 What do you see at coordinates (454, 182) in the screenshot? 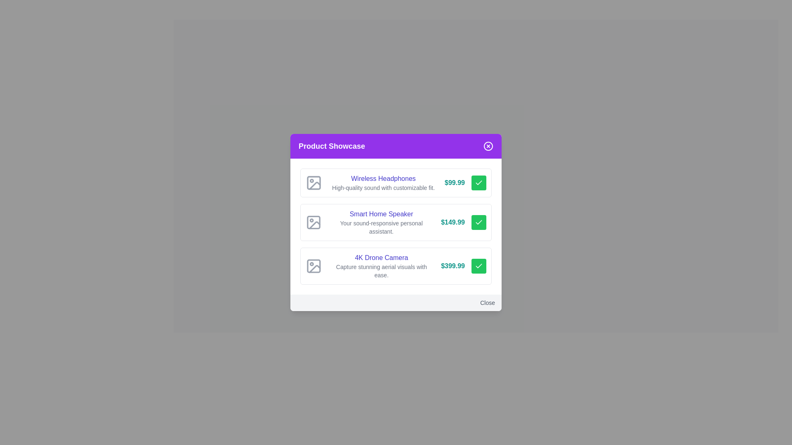
I see `the price text label for the 'Wireless Headphones' product, which is located to the far right of the product title and description` at bounding box center [454, 182].